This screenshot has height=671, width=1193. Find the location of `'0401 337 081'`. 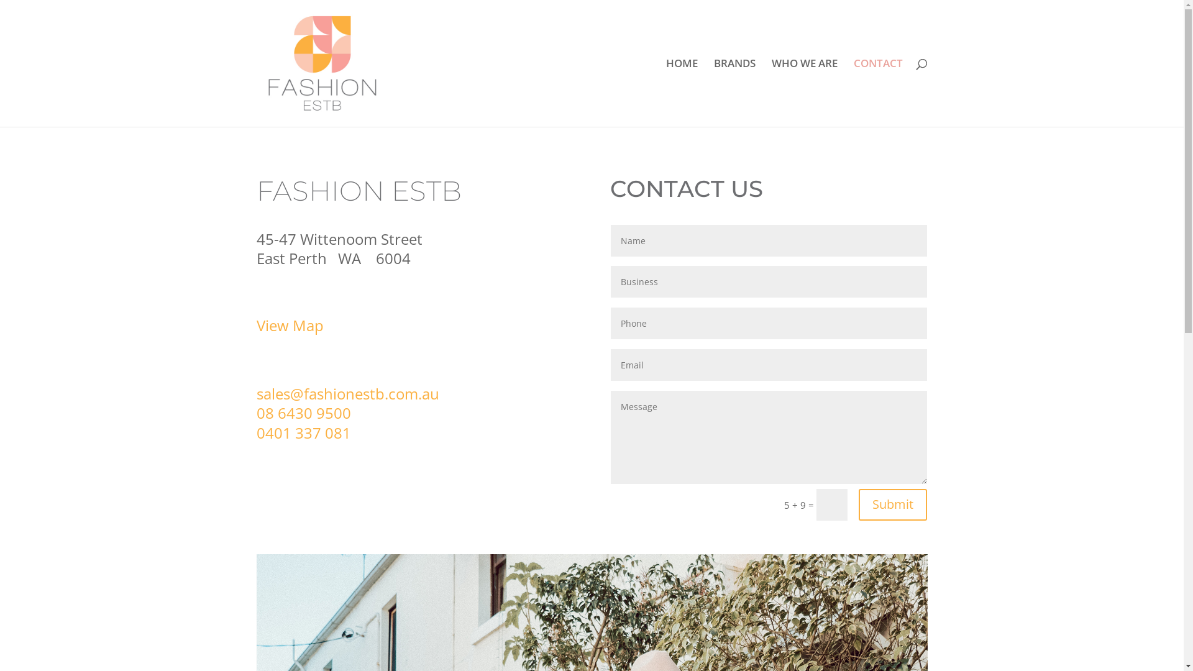

'0401 337 081' is located at coordinates (303, 432).